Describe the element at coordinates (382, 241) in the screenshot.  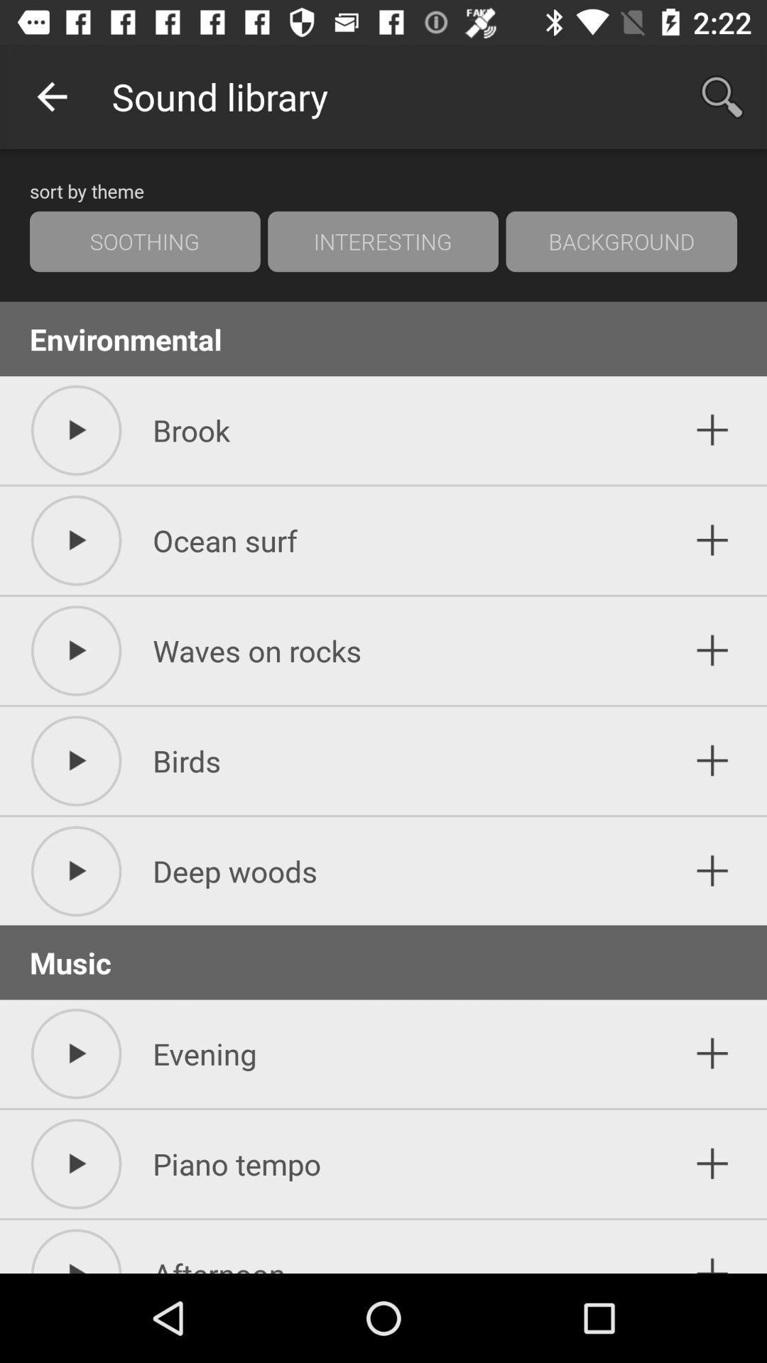
I see `the item next to the background icon` at that location.